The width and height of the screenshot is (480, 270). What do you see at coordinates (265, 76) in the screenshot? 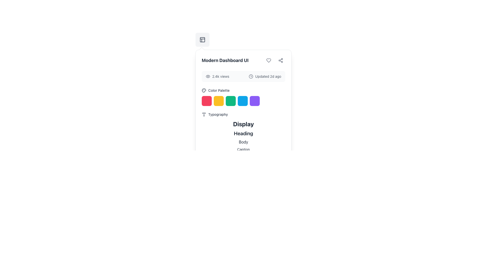
I see `the metadata element displaying the text 'Updated 2d ago' and the clock icon, which is styled in gray and located to the right of the '2.4k views' element` at bounding box center [265, 76].